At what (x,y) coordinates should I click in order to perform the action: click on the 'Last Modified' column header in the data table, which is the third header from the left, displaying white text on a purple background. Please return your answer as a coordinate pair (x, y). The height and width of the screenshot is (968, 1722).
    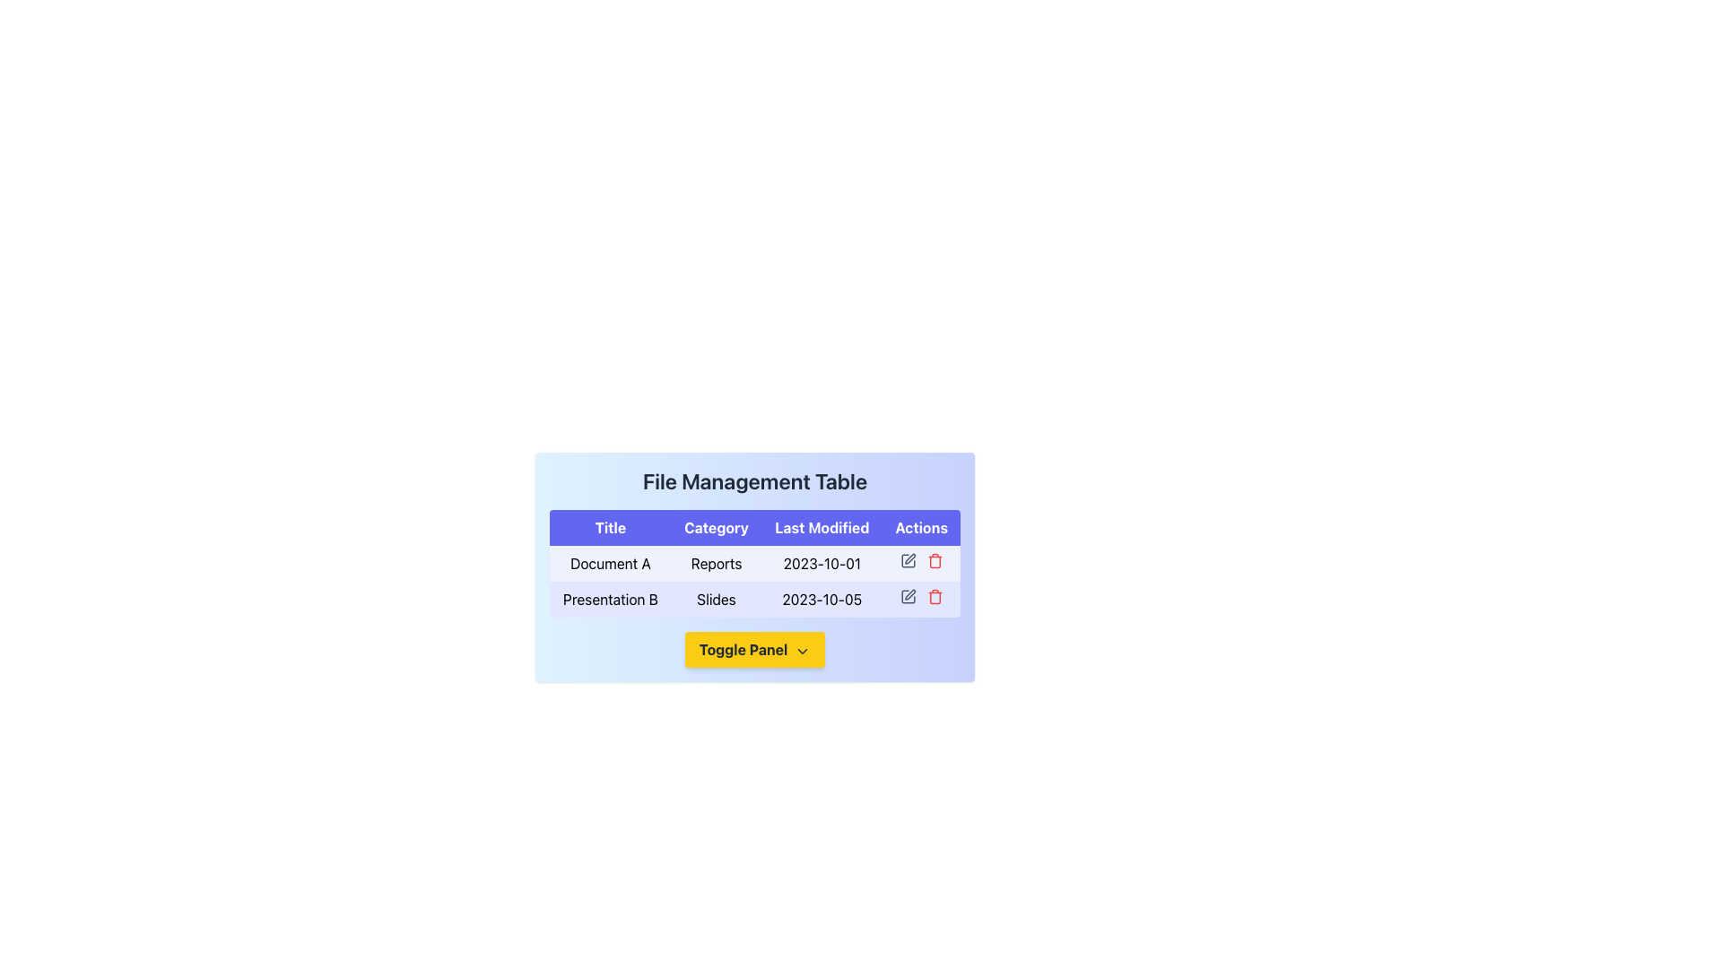
    Looking at the image, I should click on (821, 527).